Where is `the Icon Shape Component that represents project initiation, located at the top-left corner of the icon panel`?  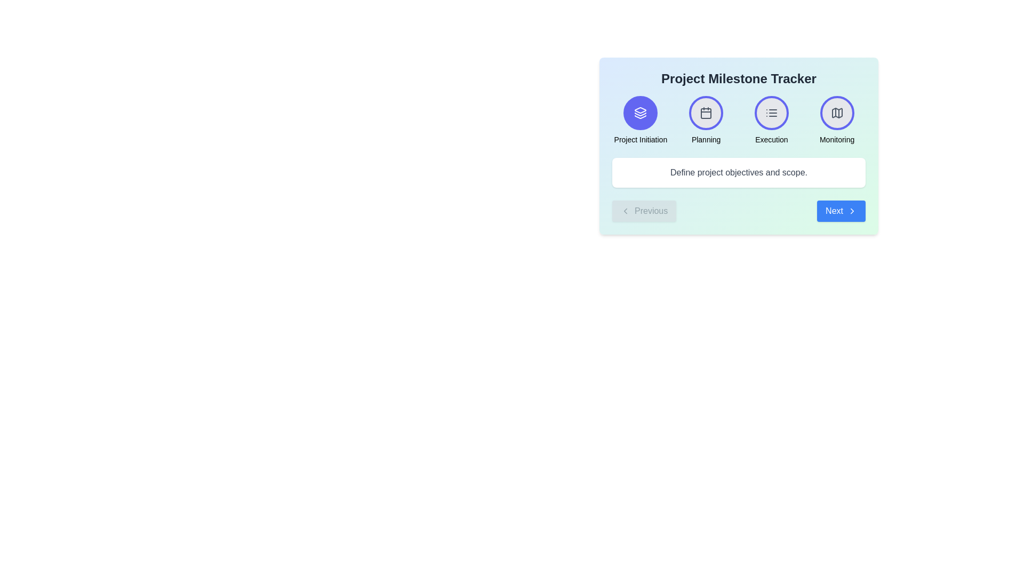
the Icon Shape Component that represents project initiation, located at the top-left corner of the icon panel is located at coordinates (640, 110).